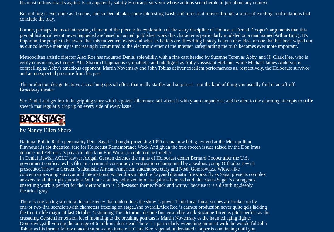 Image resolution: width=334 pixels, height=232 pixels. Describe the element at coordinates (96, 152) in the screenshot. I see `'debacle
and
February
’s
physical
attack on Elie Wiesel,it could not be timelier.'` at that location.